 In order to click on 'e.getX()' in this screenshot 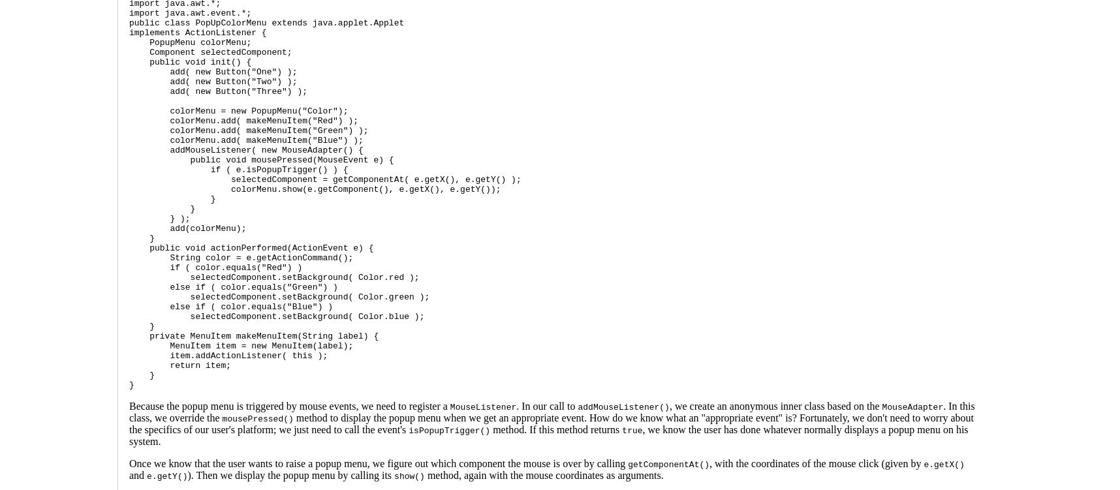, I will do `click(944, 464)`.